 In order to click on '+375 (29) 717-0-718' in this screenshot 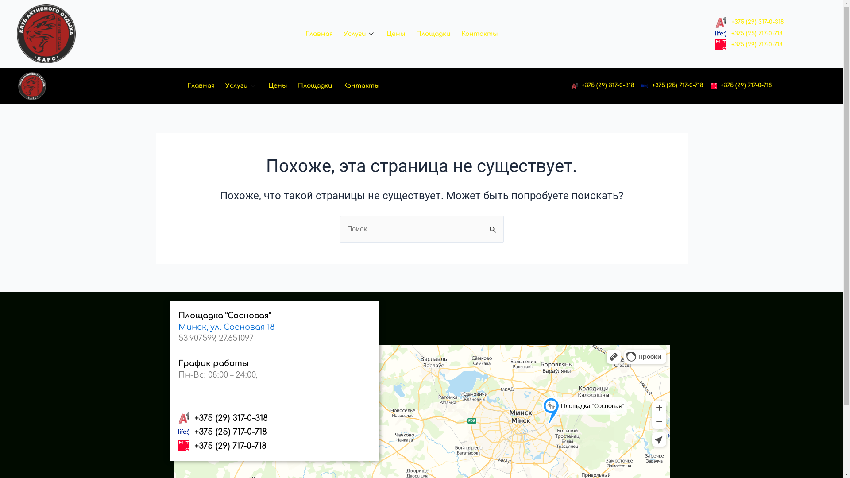, I will do `click(710, 85)`.